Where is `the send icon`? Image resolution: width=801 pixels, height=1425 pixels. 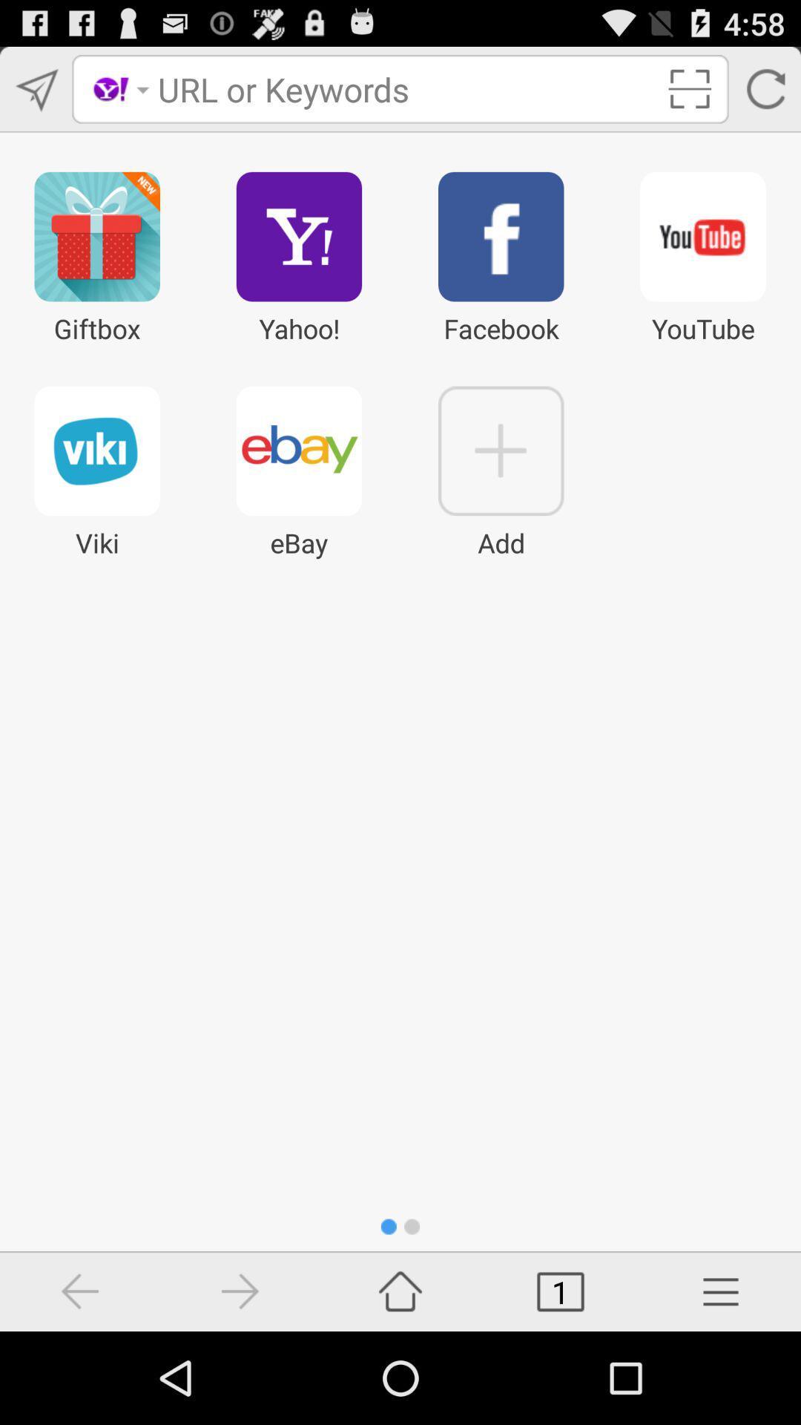 the send icon is located at coordinates (35, 95).